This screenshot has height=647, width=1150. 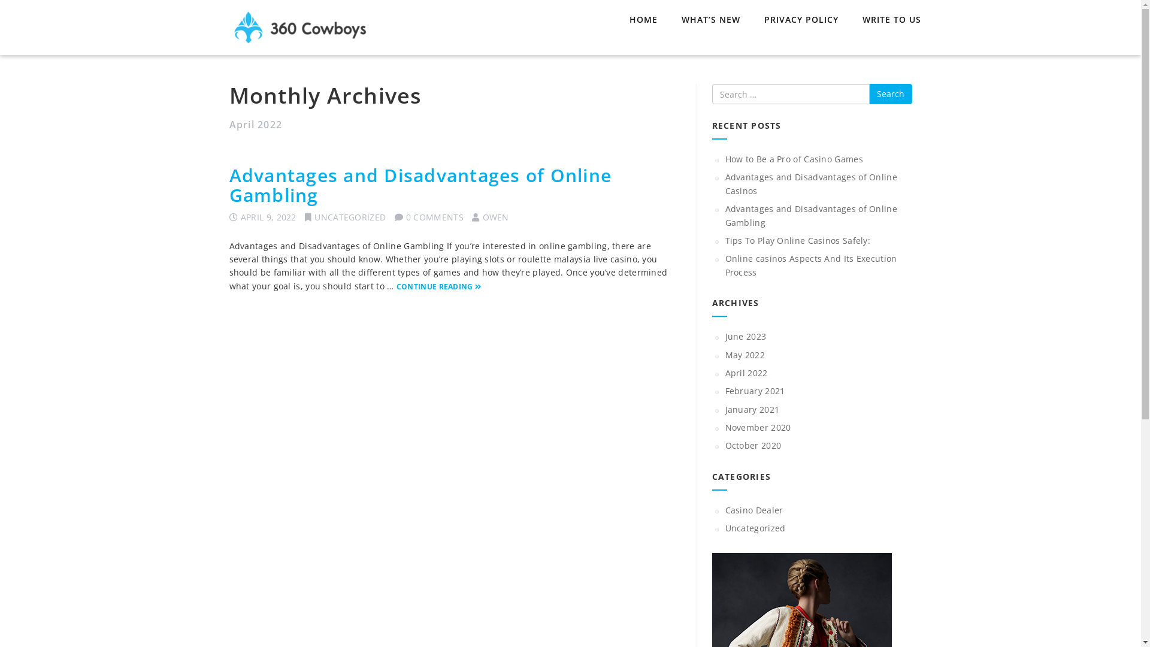 What do you see at coordinates (724, 158) in the screenshot?
I see `'How to Be a Pro of Casino Games'` at bounding box center [724, 158].